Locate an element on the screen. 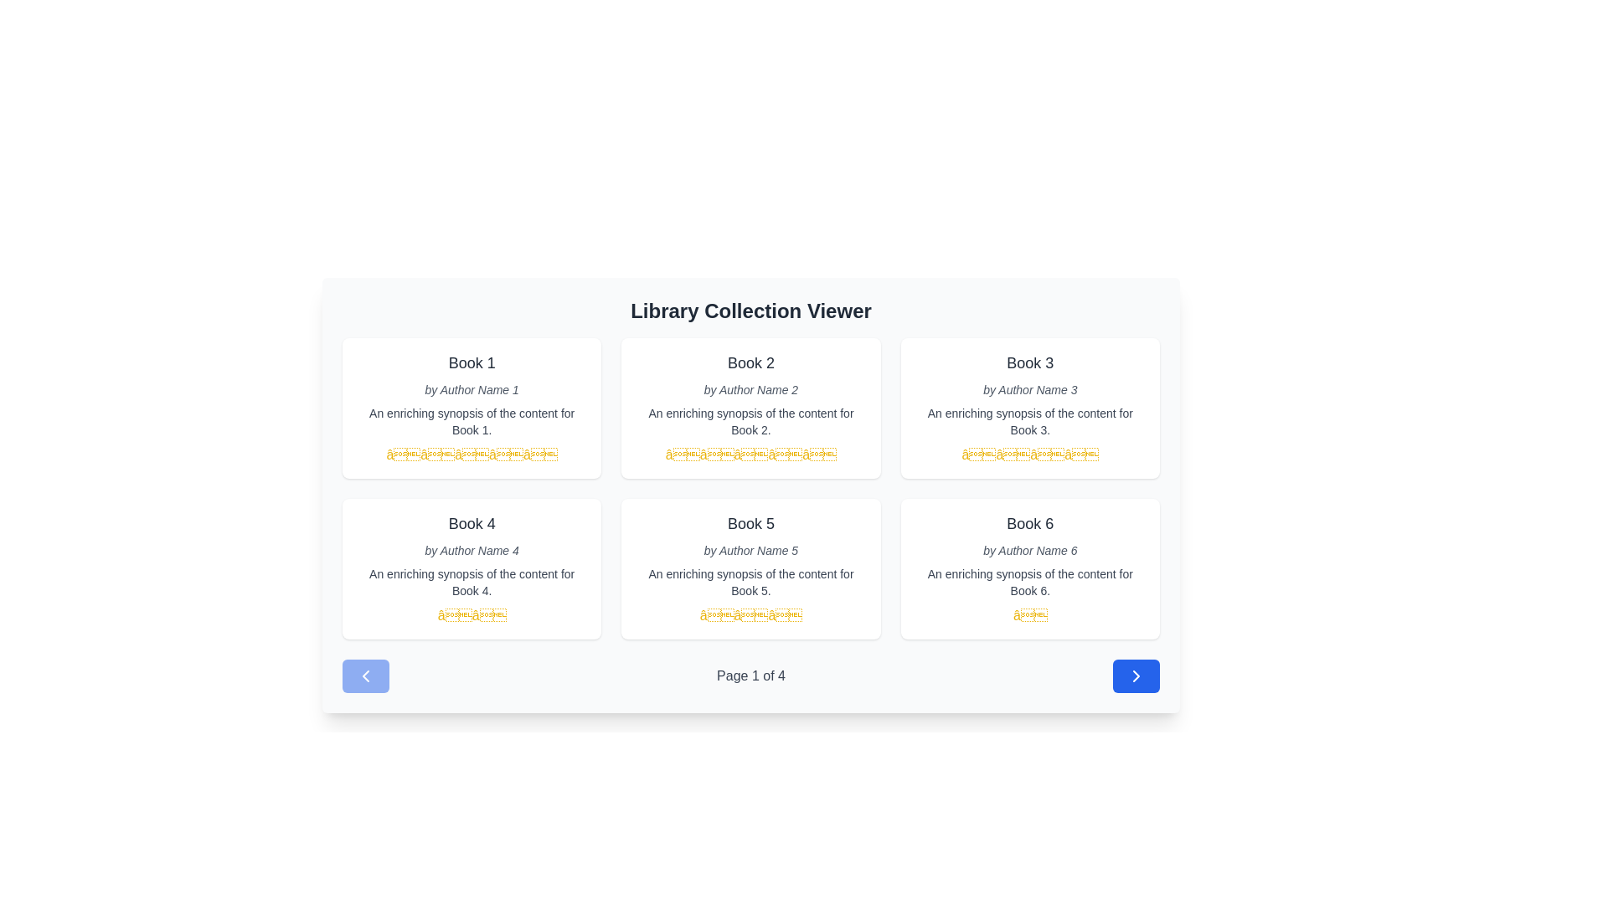 This screenshot has height=904, width=1608. the bold, larger text labeled 'Book 2' which is the title of the card in the second column of the top row, positioned below 'Library Collection Viewer' is located at coordinates (750, 362).